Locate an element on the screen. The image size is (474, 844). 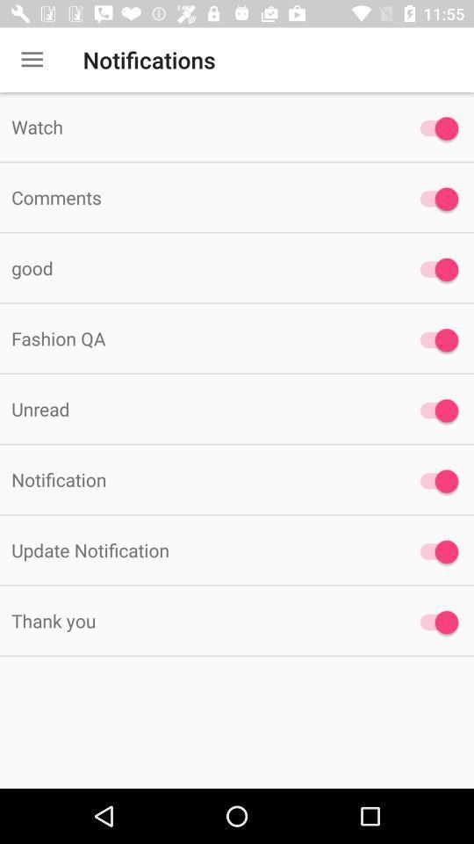
comments option is located at coordinates (434, 199).